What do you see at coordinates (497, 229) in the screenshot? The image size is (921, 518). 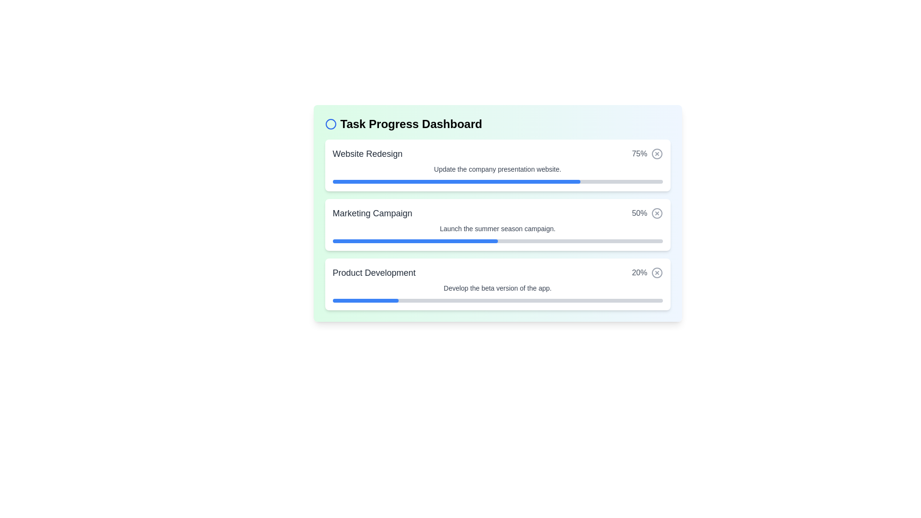 I see `text content of the Text label located below the 'Marketing Campaign' title and above the progress bar in the Task Progress Dashboard` at bounding box center [497, 229].